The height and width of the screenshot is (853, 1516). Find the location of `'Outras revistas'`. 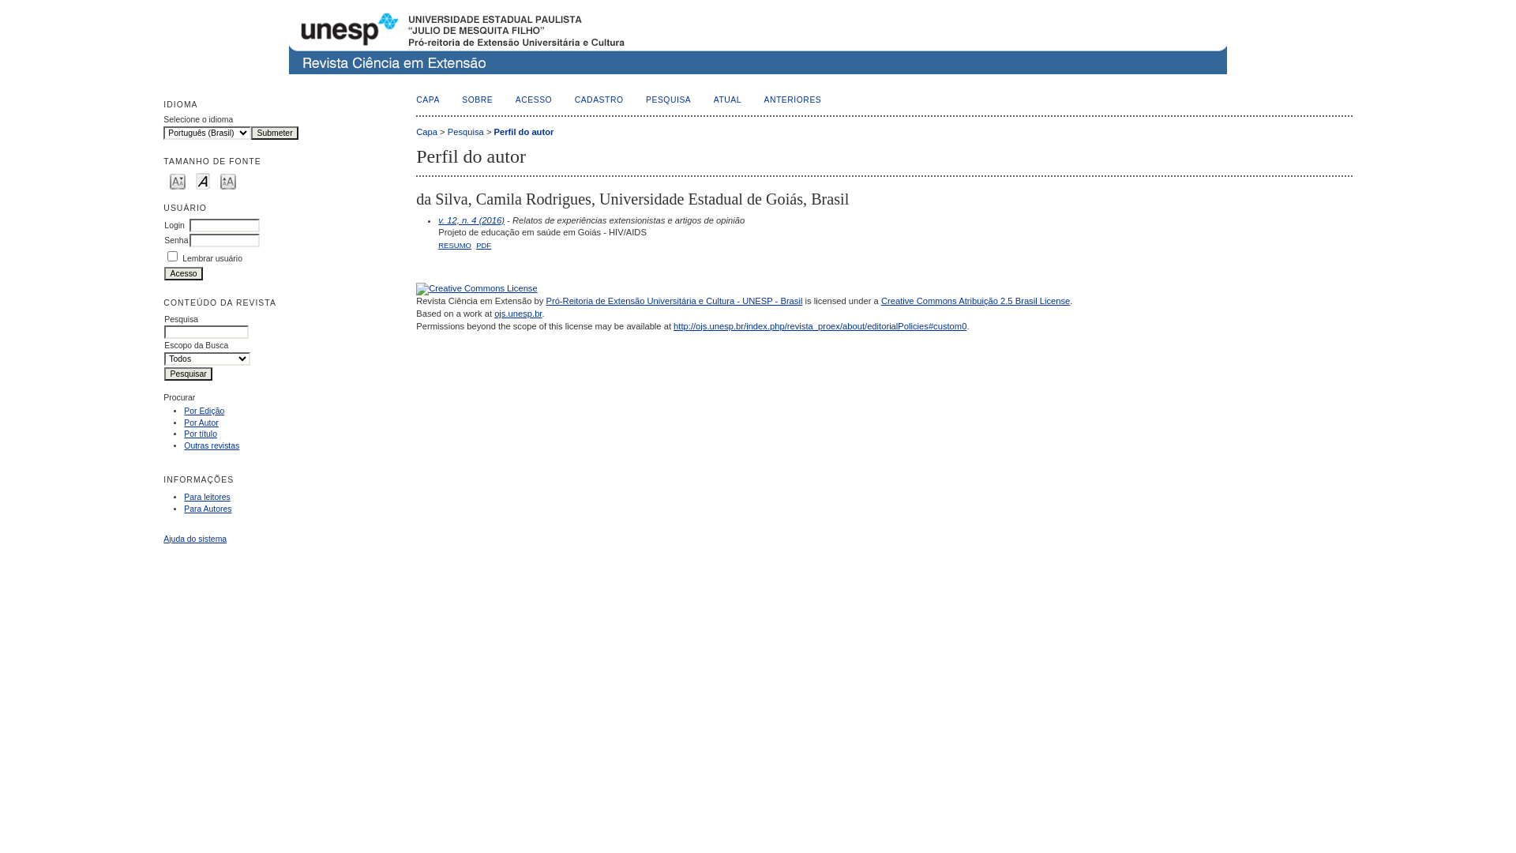

'Outras revistas' is located at coordinates (211, 445).